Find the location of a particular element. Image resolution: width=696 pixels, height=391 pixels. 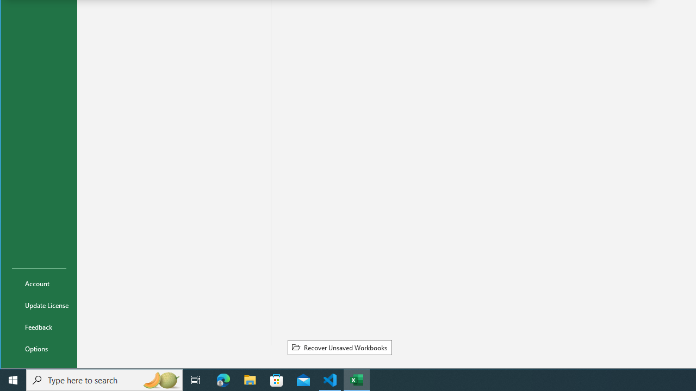

'Update License' is located at coordinates (39, 305).